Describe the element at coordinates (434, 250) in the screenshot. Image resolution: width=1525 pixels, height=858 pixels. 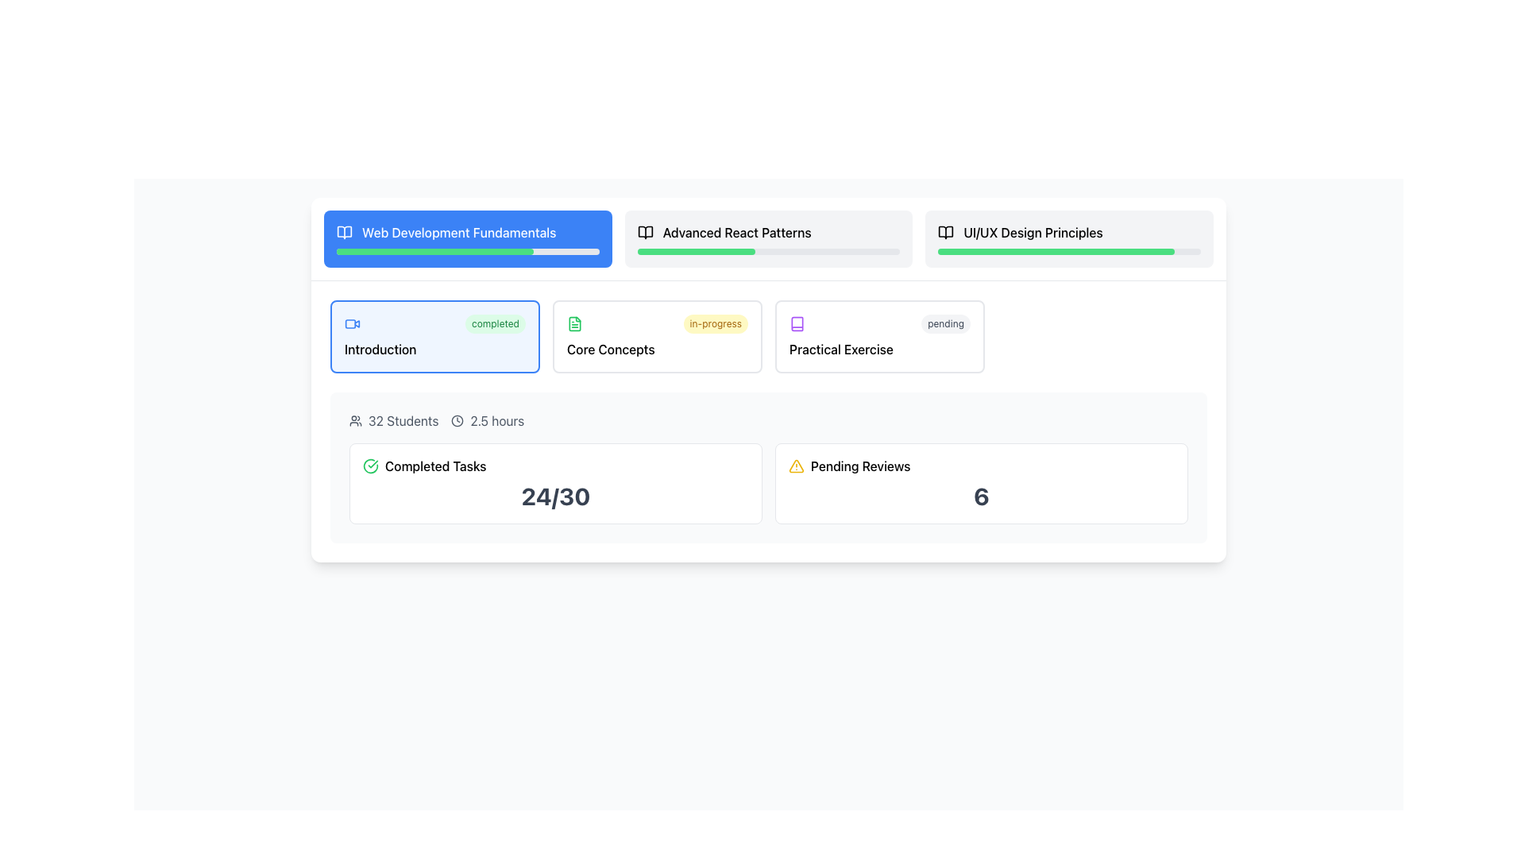
I see `the filled segment of the green horizontal progress bar located beneath the 'Web Development Fundamentals' label` at that location.